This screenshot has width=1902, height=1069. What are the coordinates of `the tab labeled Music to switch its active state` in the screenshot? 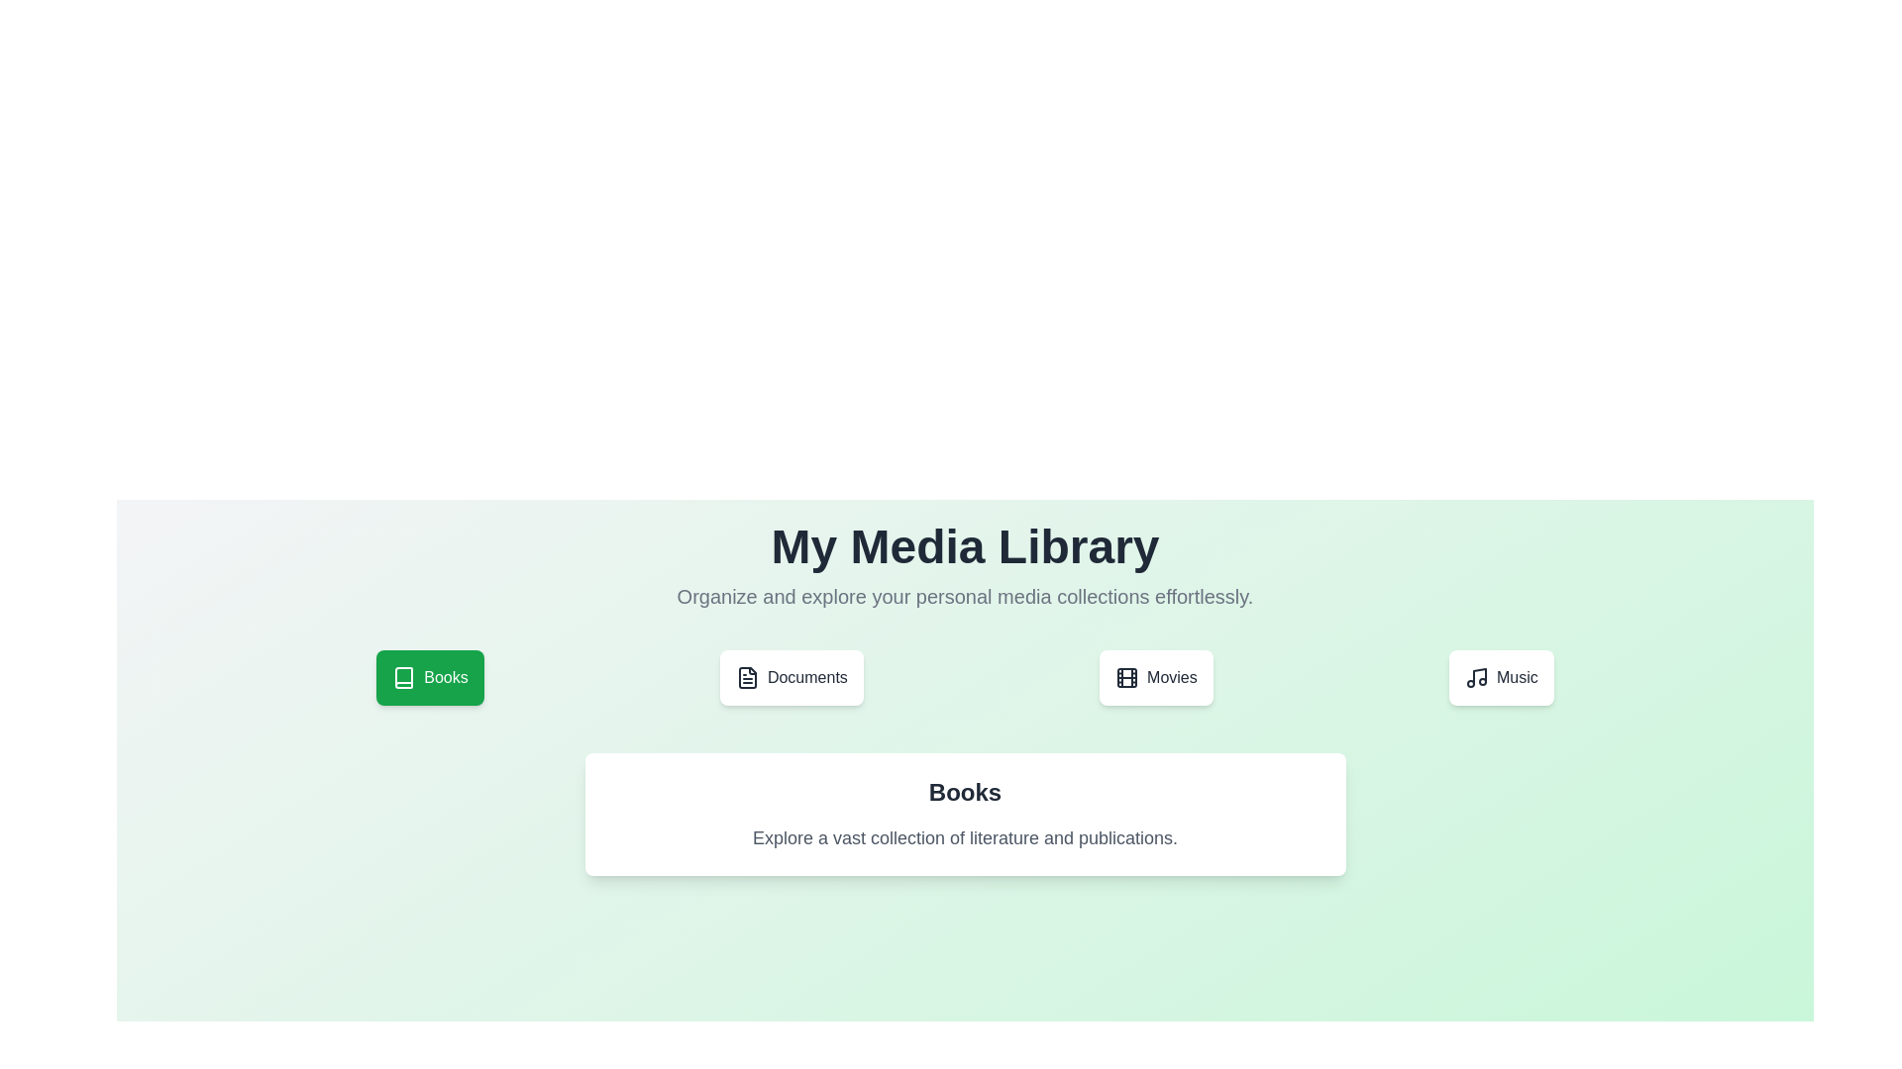 It's located at (1501, 677).